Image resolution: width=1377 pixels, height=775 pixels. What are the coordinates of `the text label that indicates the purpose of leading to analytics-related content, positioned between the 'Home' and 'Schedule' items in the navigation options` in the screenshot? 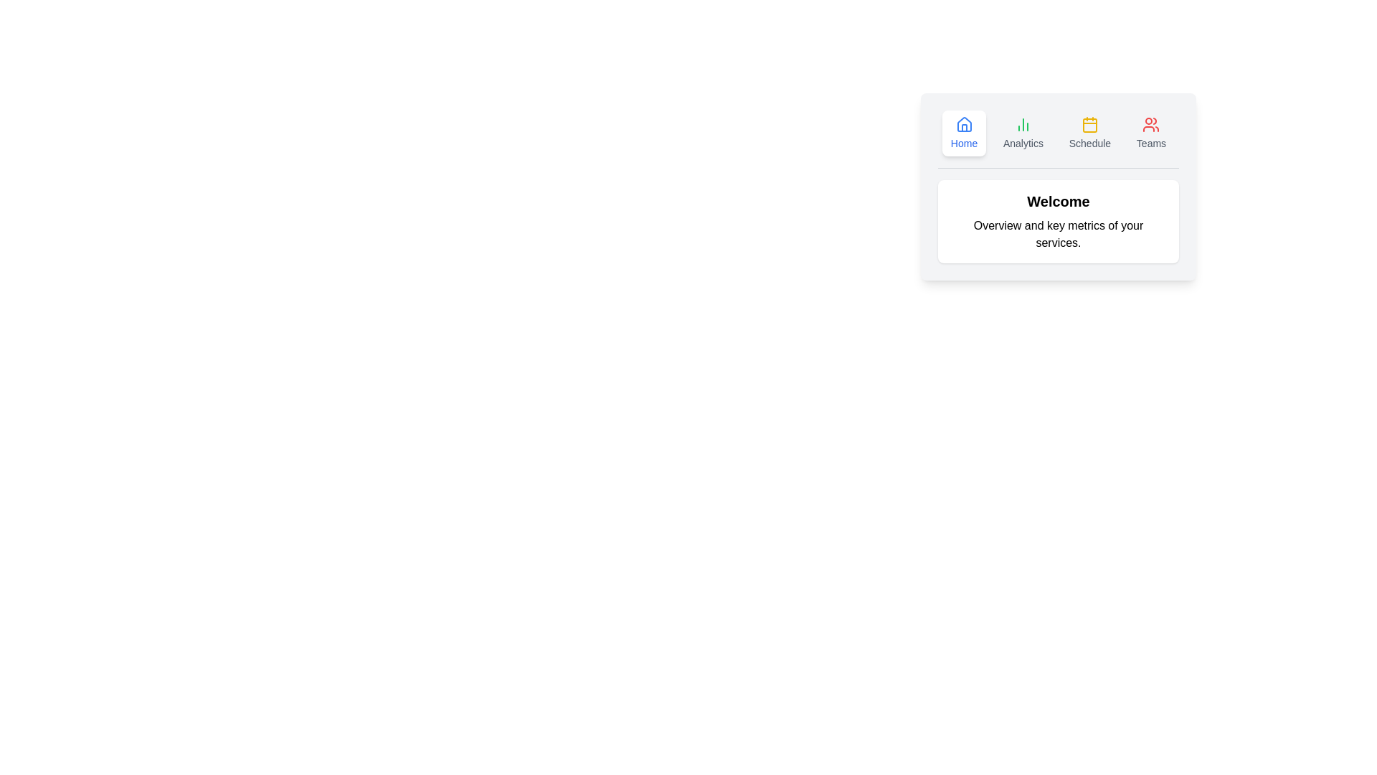 It's located at (1022, 144).